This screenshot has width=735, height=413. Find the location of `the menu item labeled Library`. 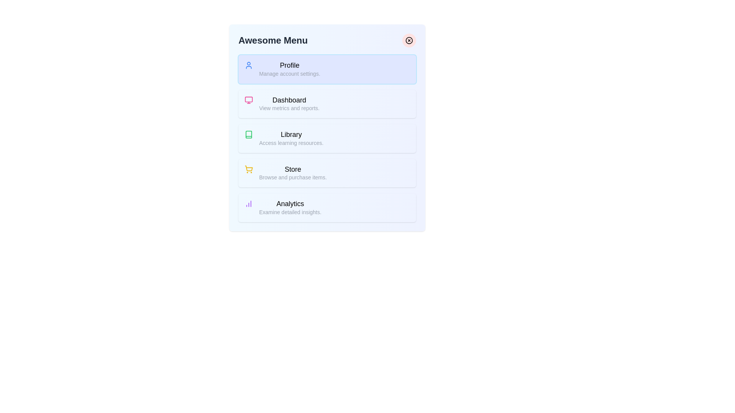

the menu item labeled Library is located at coordinates (327, 138).